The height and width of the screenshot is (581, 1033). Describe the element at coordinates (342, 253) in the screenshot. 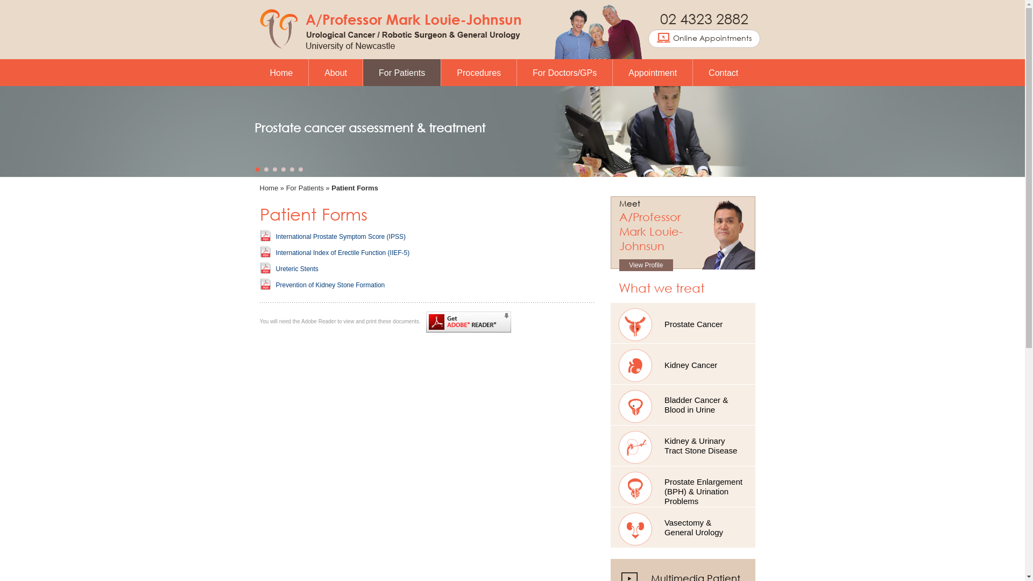

I see `'International Index of Erectile Function (IIEF-5)'` at that location.